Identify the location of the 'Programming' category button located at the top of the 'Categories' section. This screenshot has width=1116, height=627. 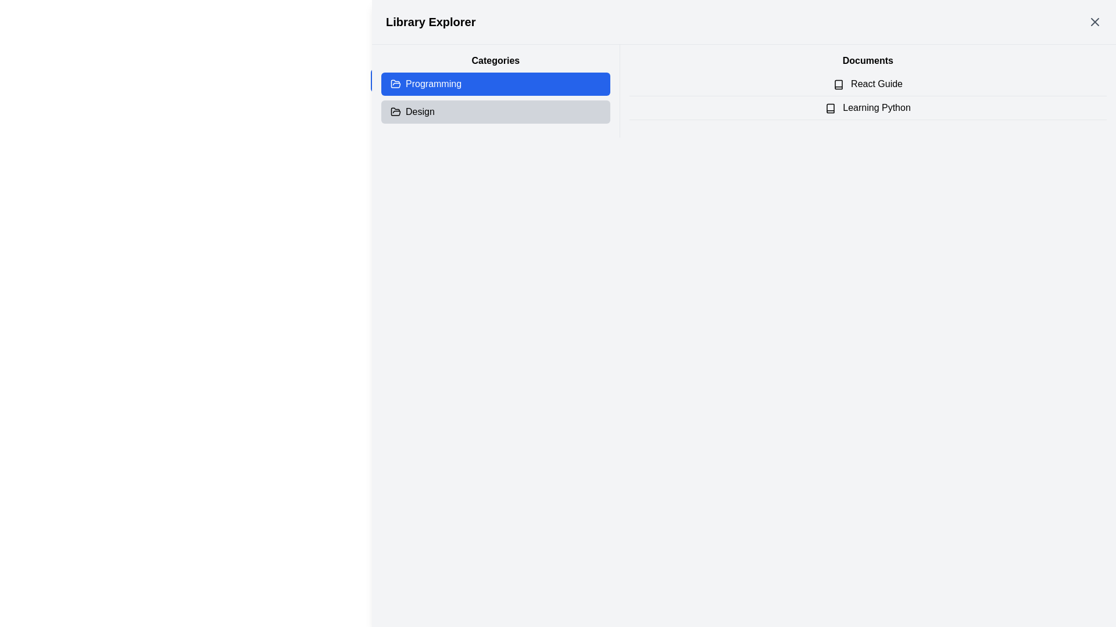
(495, 84).